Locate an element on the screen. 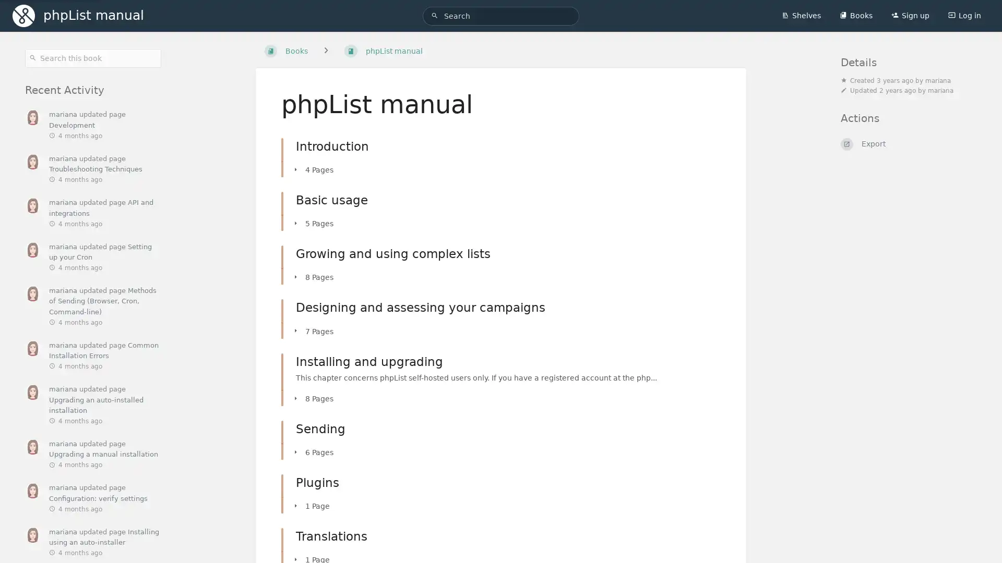 The image size is (1002, 563). Search is located at coordinates (34, 58).